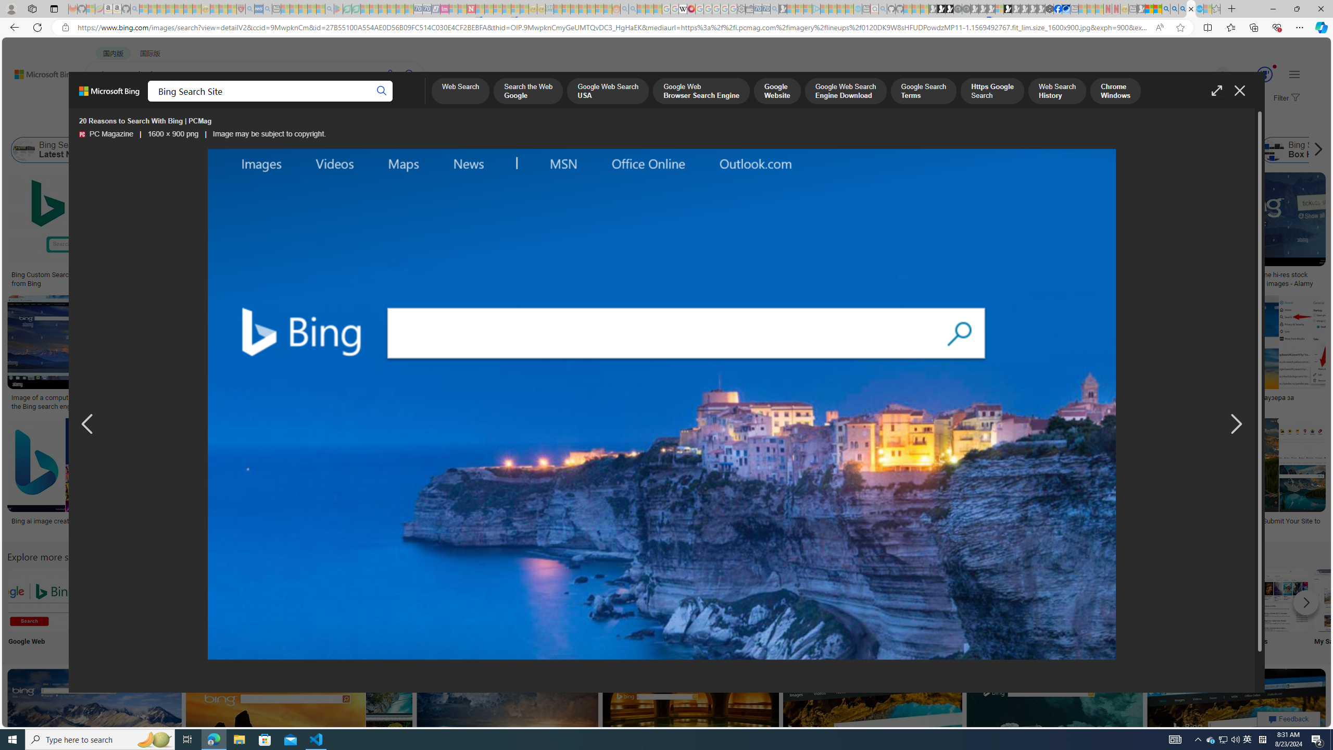 The image size is (1333, 750). Describe the element at coordinates (43, 520) in the screenshot. I see `'Bing ai image creator'` at that location.